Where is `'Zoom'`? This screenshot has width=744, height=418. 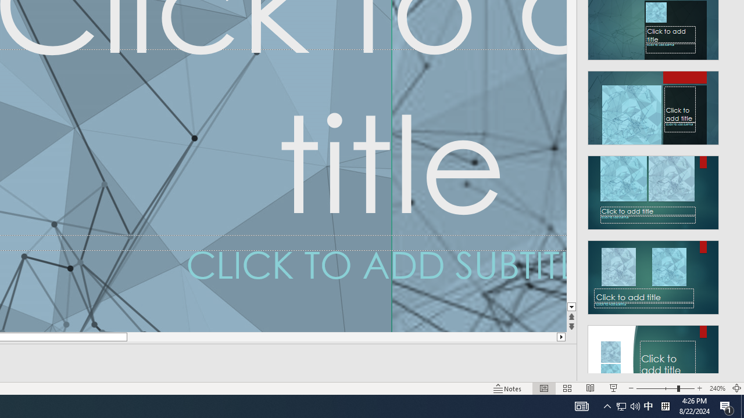 'Zoom' is located at coordinates (665, 388).